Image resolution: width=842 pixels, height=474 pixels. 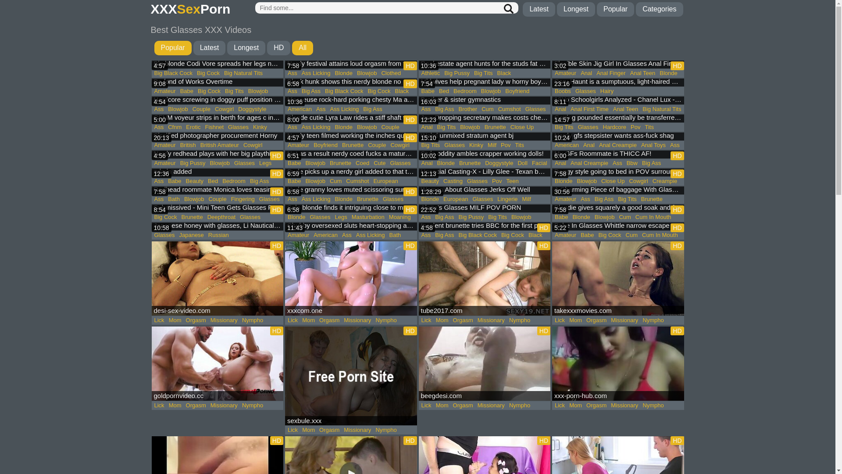 What do you see at coordinates (158, 180) in the screenshot?
I see `'Ass'` at bounding box center [158, 180].